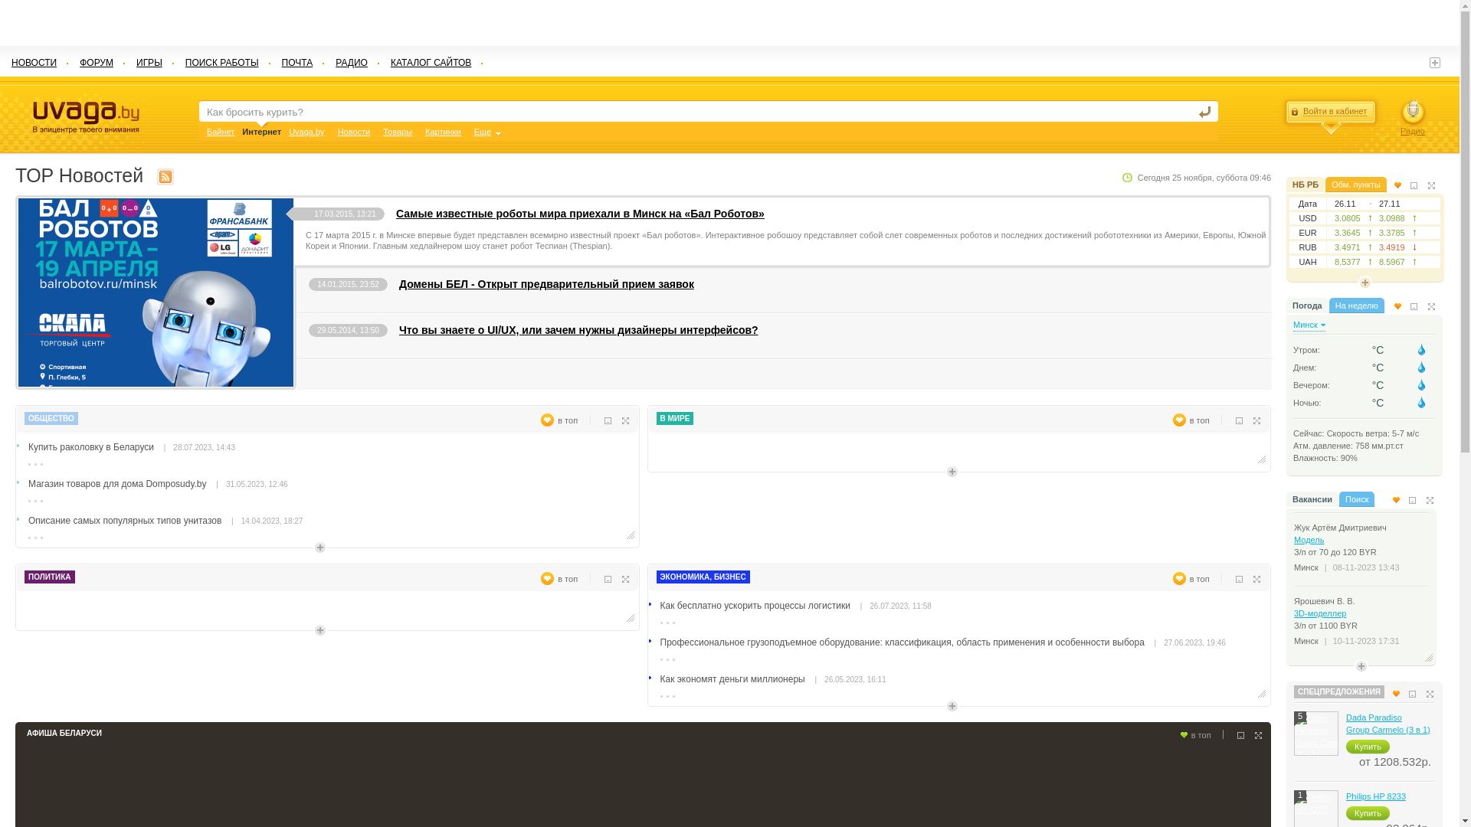 The width and height of the screenshot is (1471, 827). I want to click on 'Philips HP 8233', so click(1345, 796).